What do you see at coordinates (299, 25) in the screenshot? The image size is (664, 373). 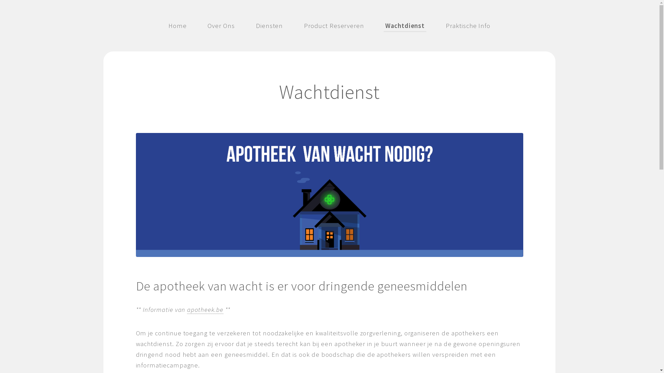 I see `'Product Reserveren'` at bounding box center [299, 25].